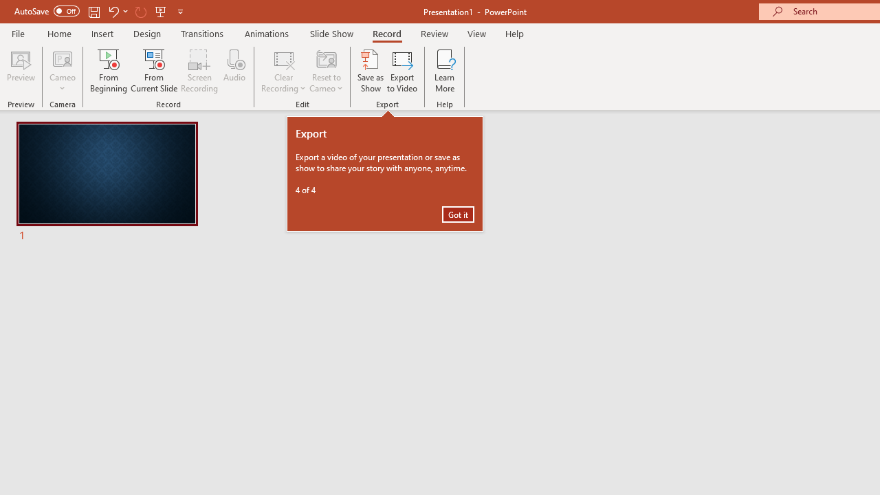 The width and height of the screenshot is (880, 495). Describe the element at coordinates (371, 71) in the screenshot. I see `'Save as Show'` at that location.